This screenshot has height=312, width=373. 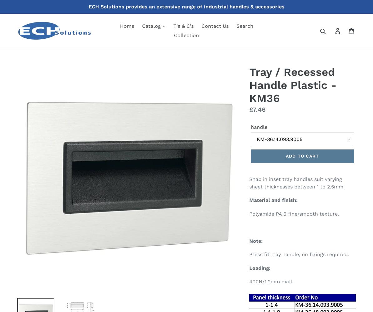 What do you see at coordinates (299, 254) in the screenshot?
I see `'Press fit tray handle, no fixings required.'` at bounding box center [299, 254].